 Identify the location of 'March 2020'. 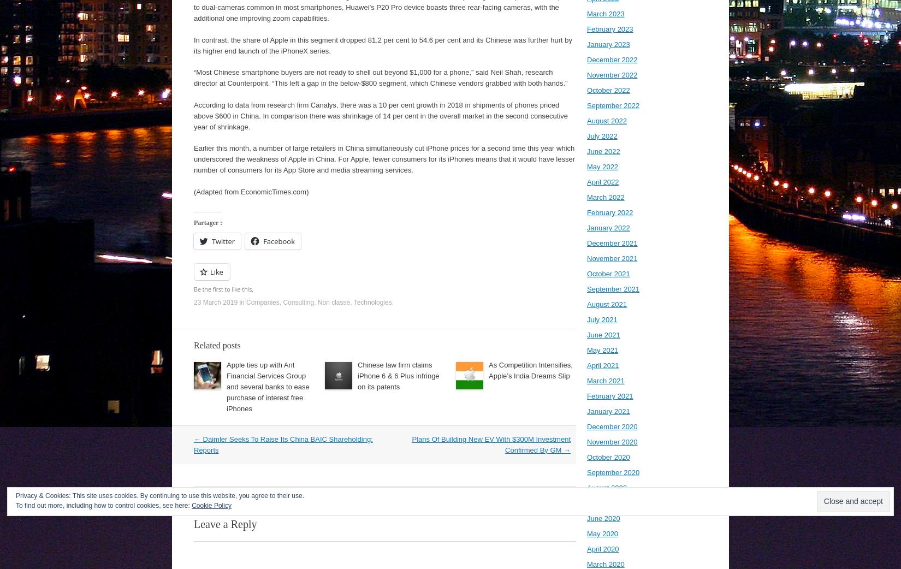
(605, 564).